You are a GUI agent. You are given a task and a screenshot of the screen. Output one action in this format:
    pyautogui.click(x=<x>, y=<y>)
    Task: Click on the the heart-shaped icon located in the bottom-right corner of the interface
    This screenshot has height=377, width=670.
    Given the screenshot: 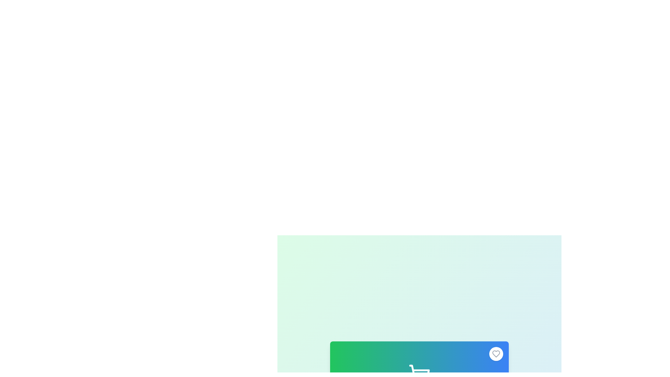 What is the action you would take?
    pyautogui.click(x=496, y=354)
    